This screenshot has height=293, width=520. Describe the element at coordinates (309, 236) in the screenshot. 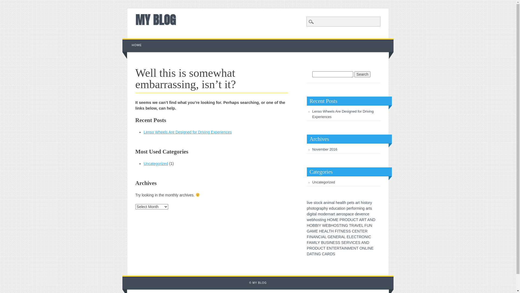

I see `'I'` at that location.